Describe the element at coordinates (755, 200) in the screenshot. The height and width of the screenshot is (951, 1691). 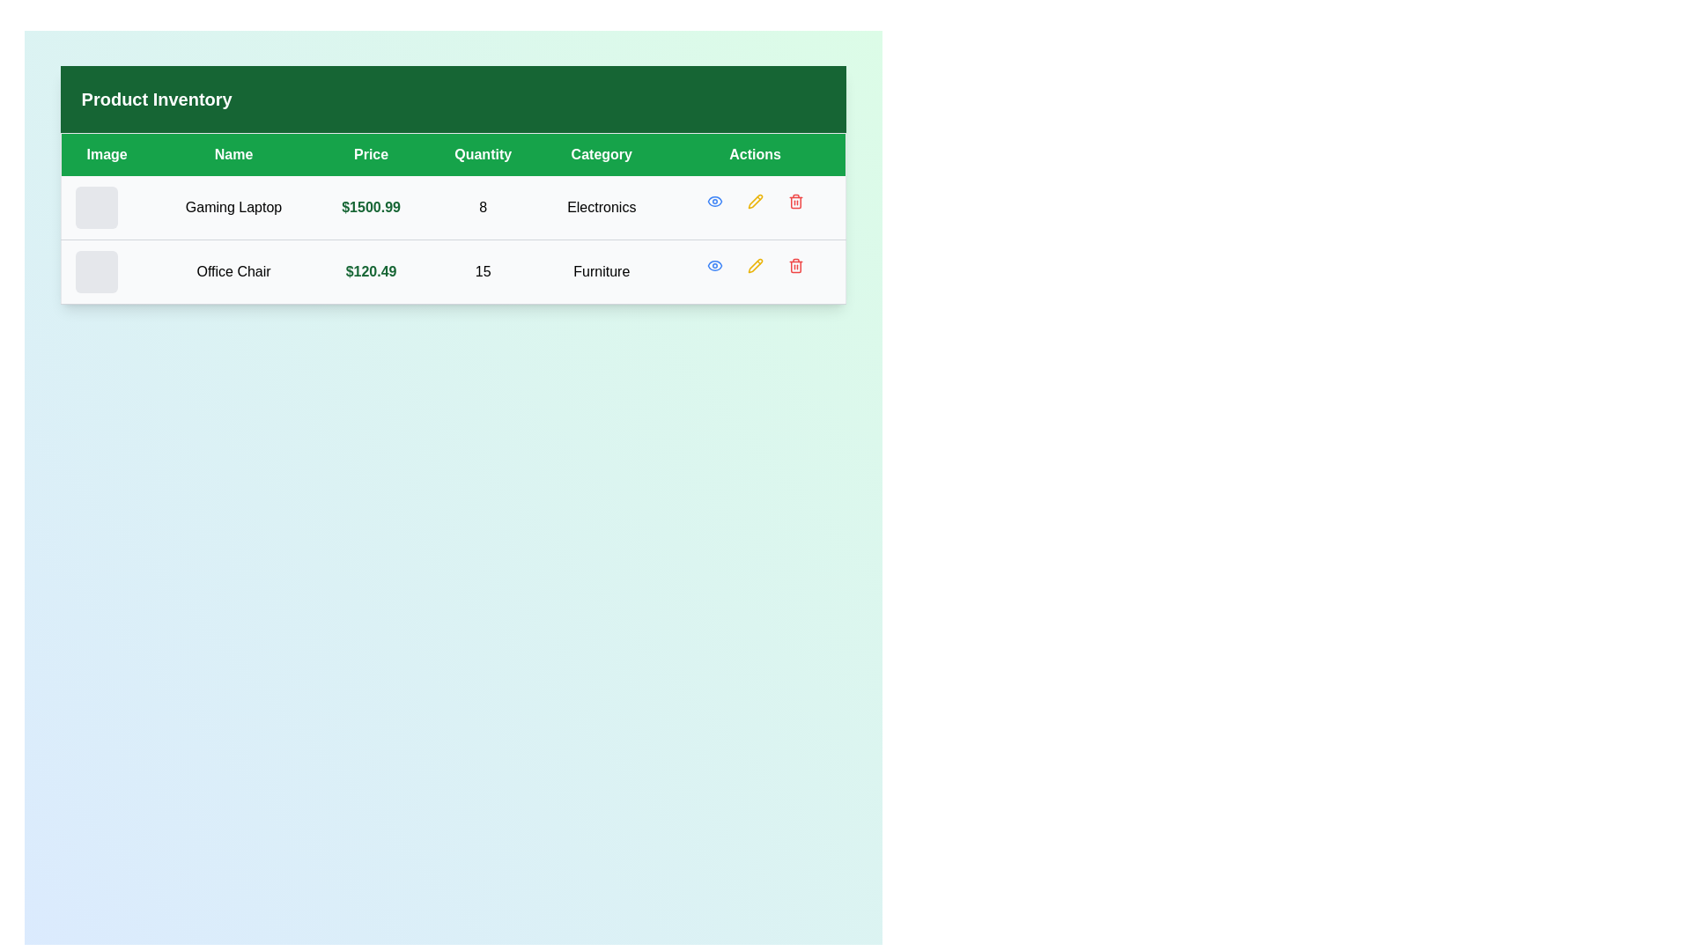
I see `the editing icon located in the 'Actions' column of the second row corresponding to the 'Office Chair' product entry` at that location.